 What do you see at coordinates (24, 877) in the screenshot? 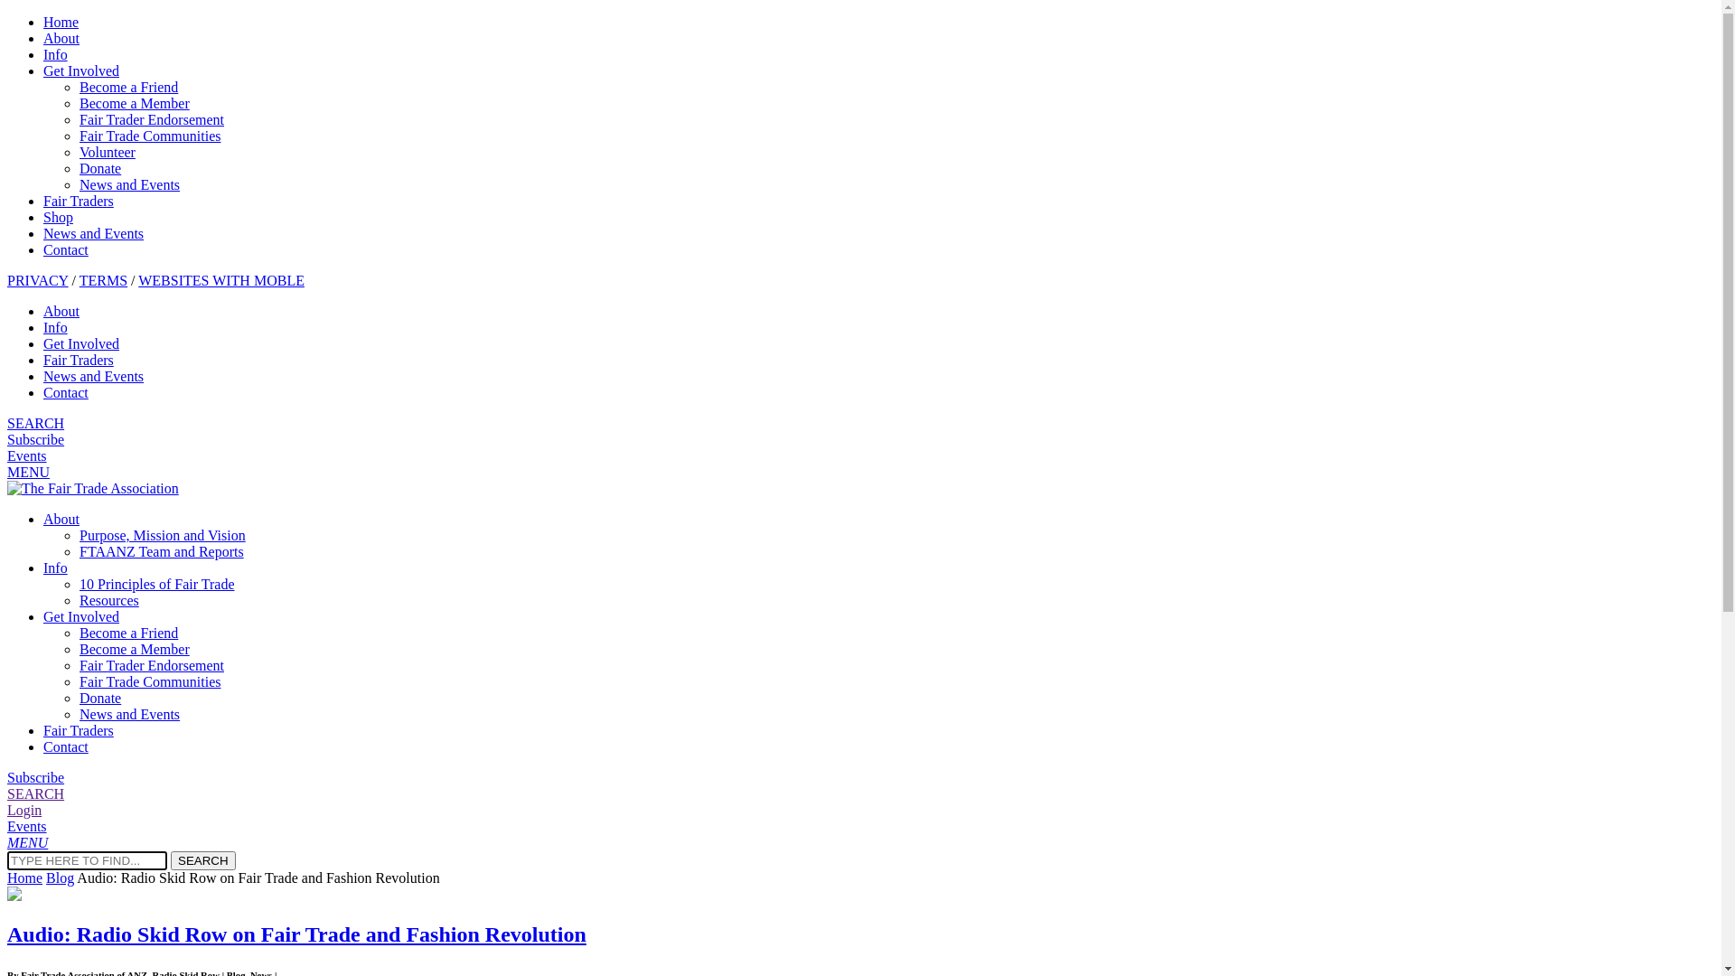
I see `'Home'` at bounding box center [24, 877].